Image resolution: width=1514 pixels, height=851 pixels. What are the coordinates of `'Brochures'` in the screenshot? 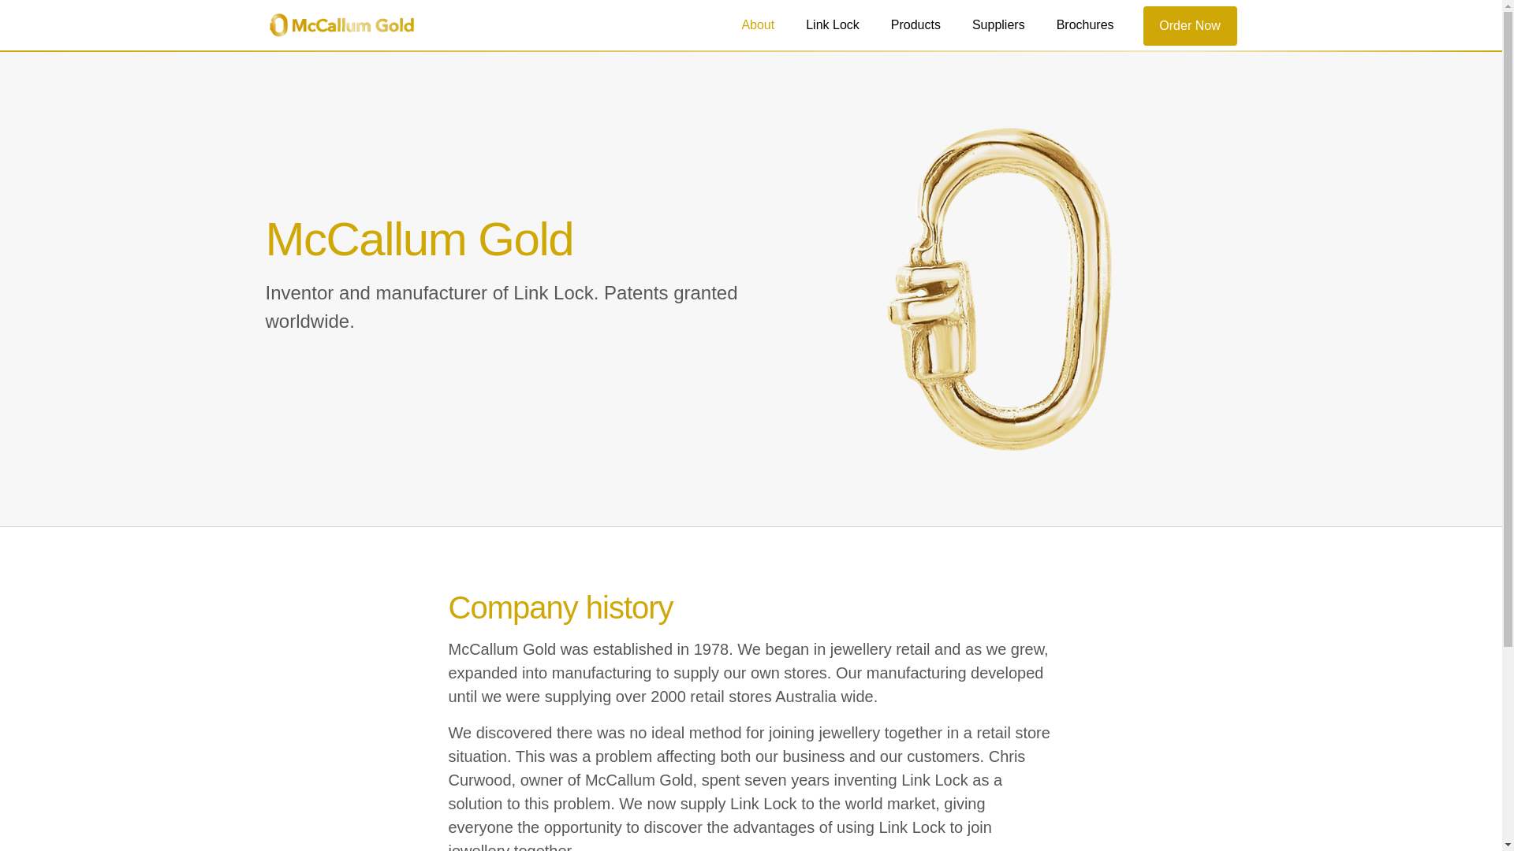 It's located at (1084, 24).